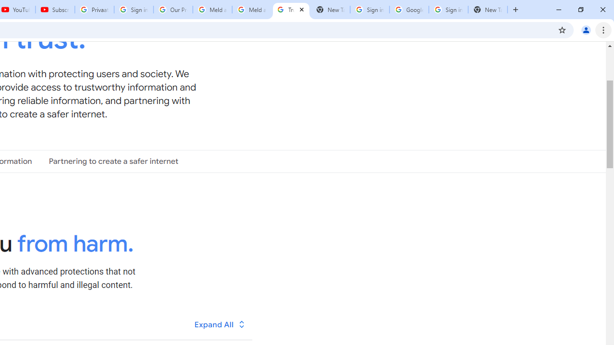 Image resolution: width=614 pixels, height=345 pixels. Describe the element at coordinates (220, 324) in the screenshot. I see `'Expand All'` at that location.